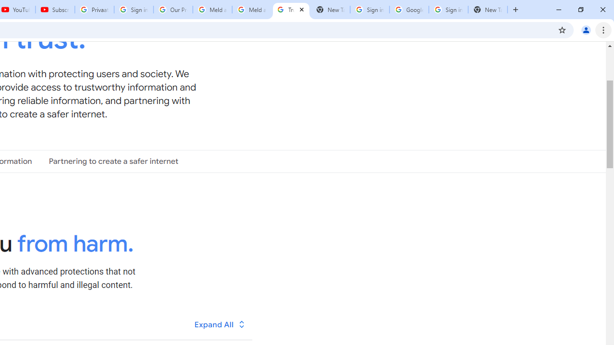 Image resolution: width=614 pixels, height=345 pixels. Describe the element at coordinates (220, 324) in the screenshot. I see `'Expand All'` at that location.